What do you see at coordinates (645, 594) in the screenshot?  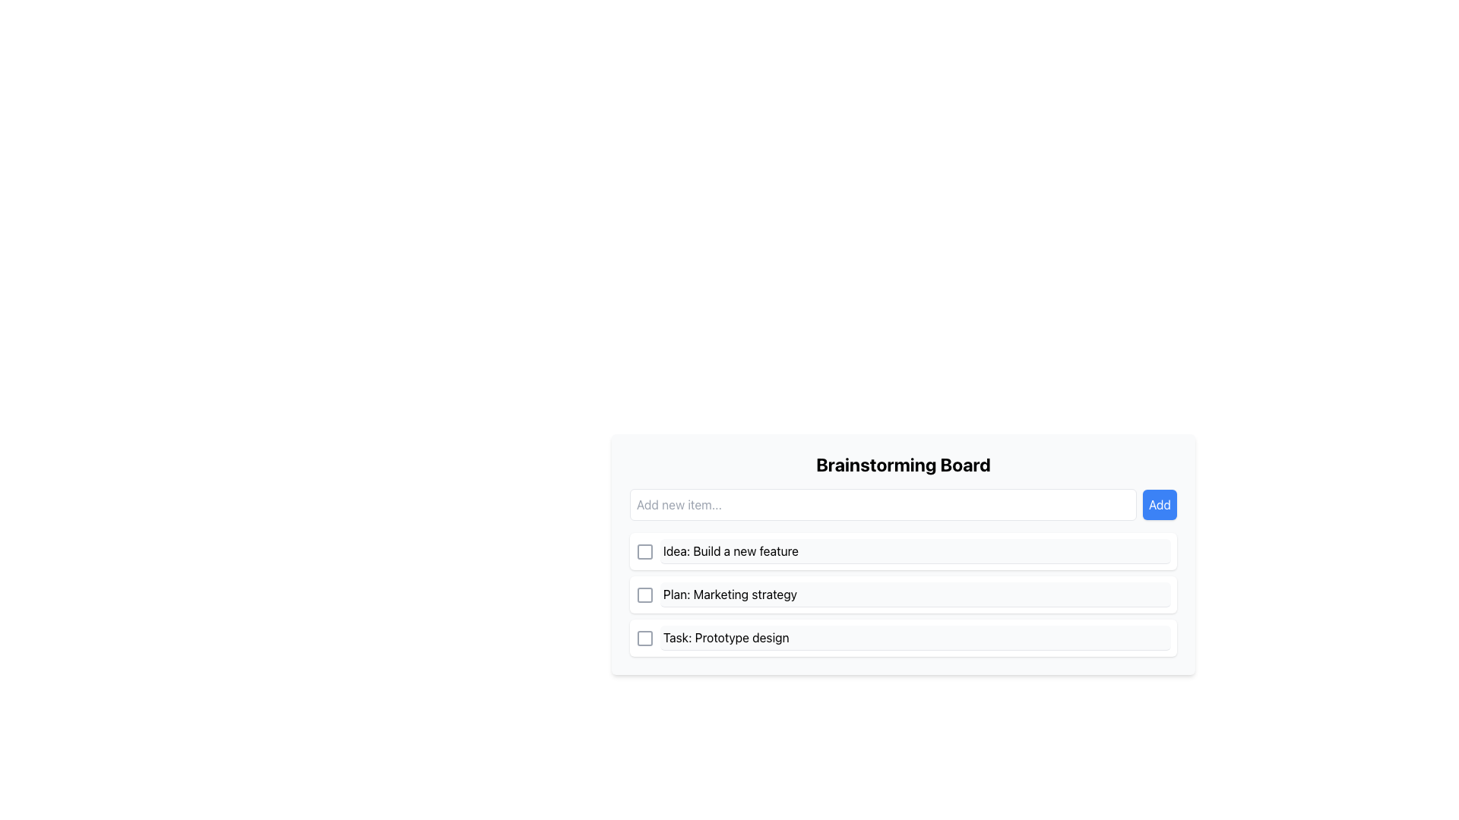 I see `the icon associated with the list item labeled 'Plan: Marketing strategy' to interact with it` at bounding box center [645, 594].